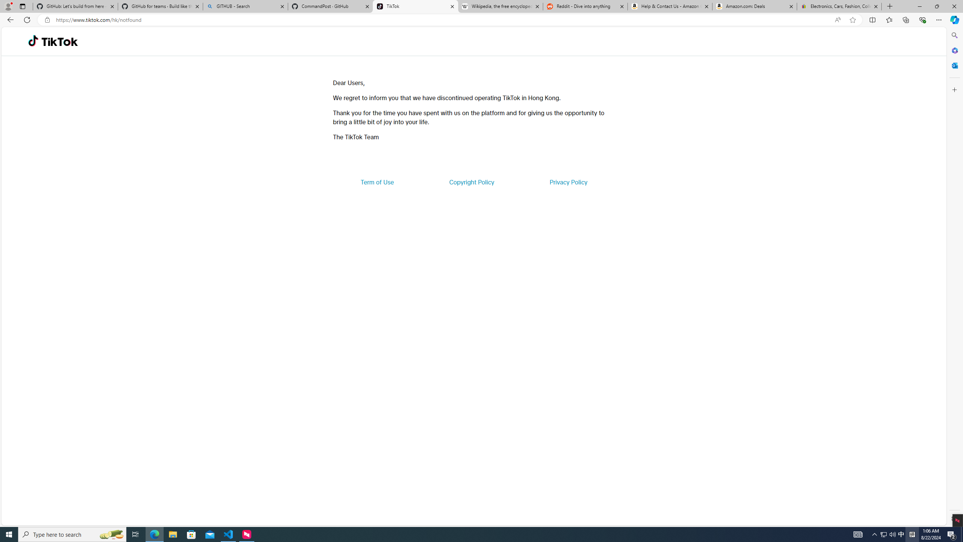 The width and height of the screenshot is (963, 542). I want to click on 'Restore', so click(937, 6).